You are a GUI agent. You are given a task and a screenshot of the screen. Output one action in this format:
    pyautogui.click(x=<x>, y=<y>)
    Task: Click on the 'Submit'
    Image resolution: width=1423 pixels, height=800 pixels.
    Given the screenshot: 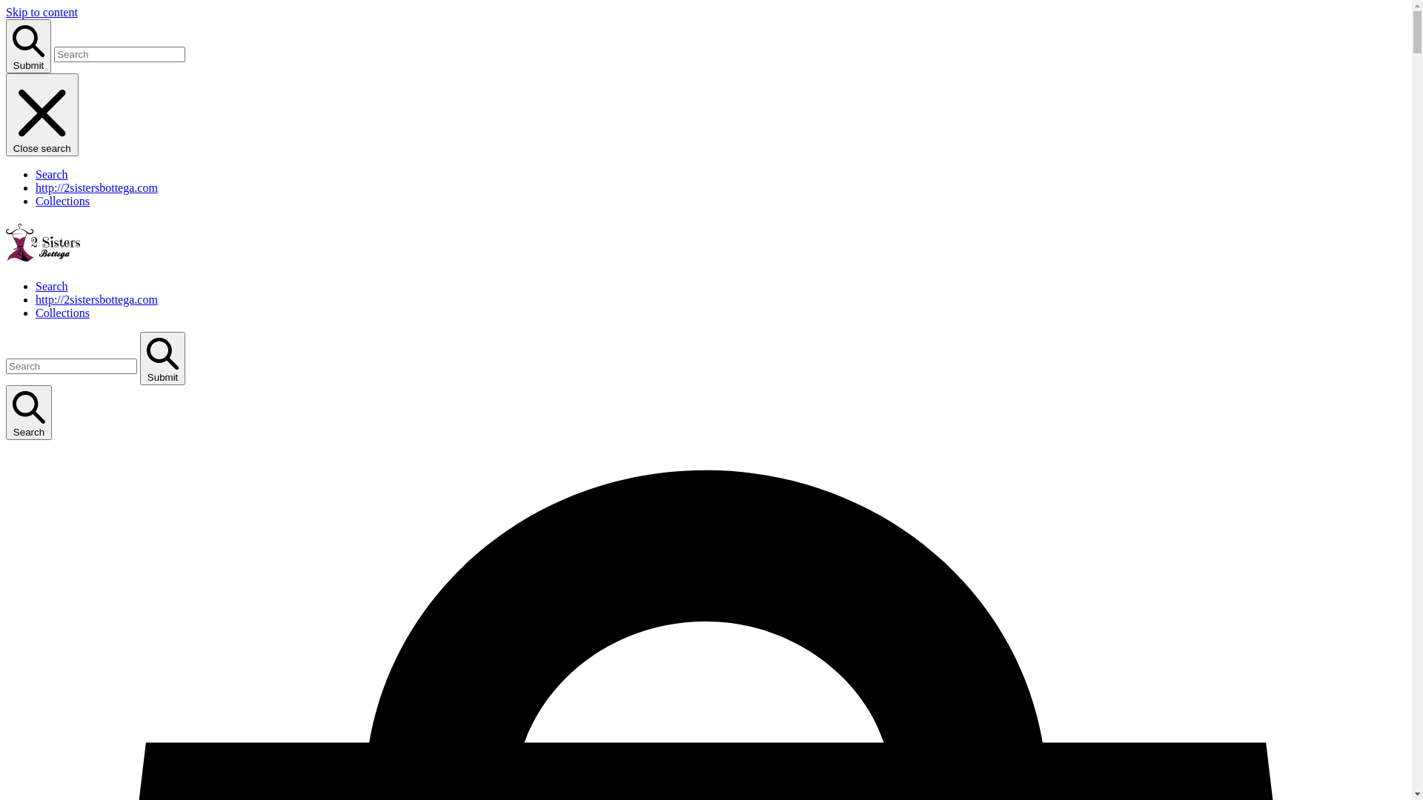 What is the action you would take?
    pyautogui.click(x=162, y=359)
    